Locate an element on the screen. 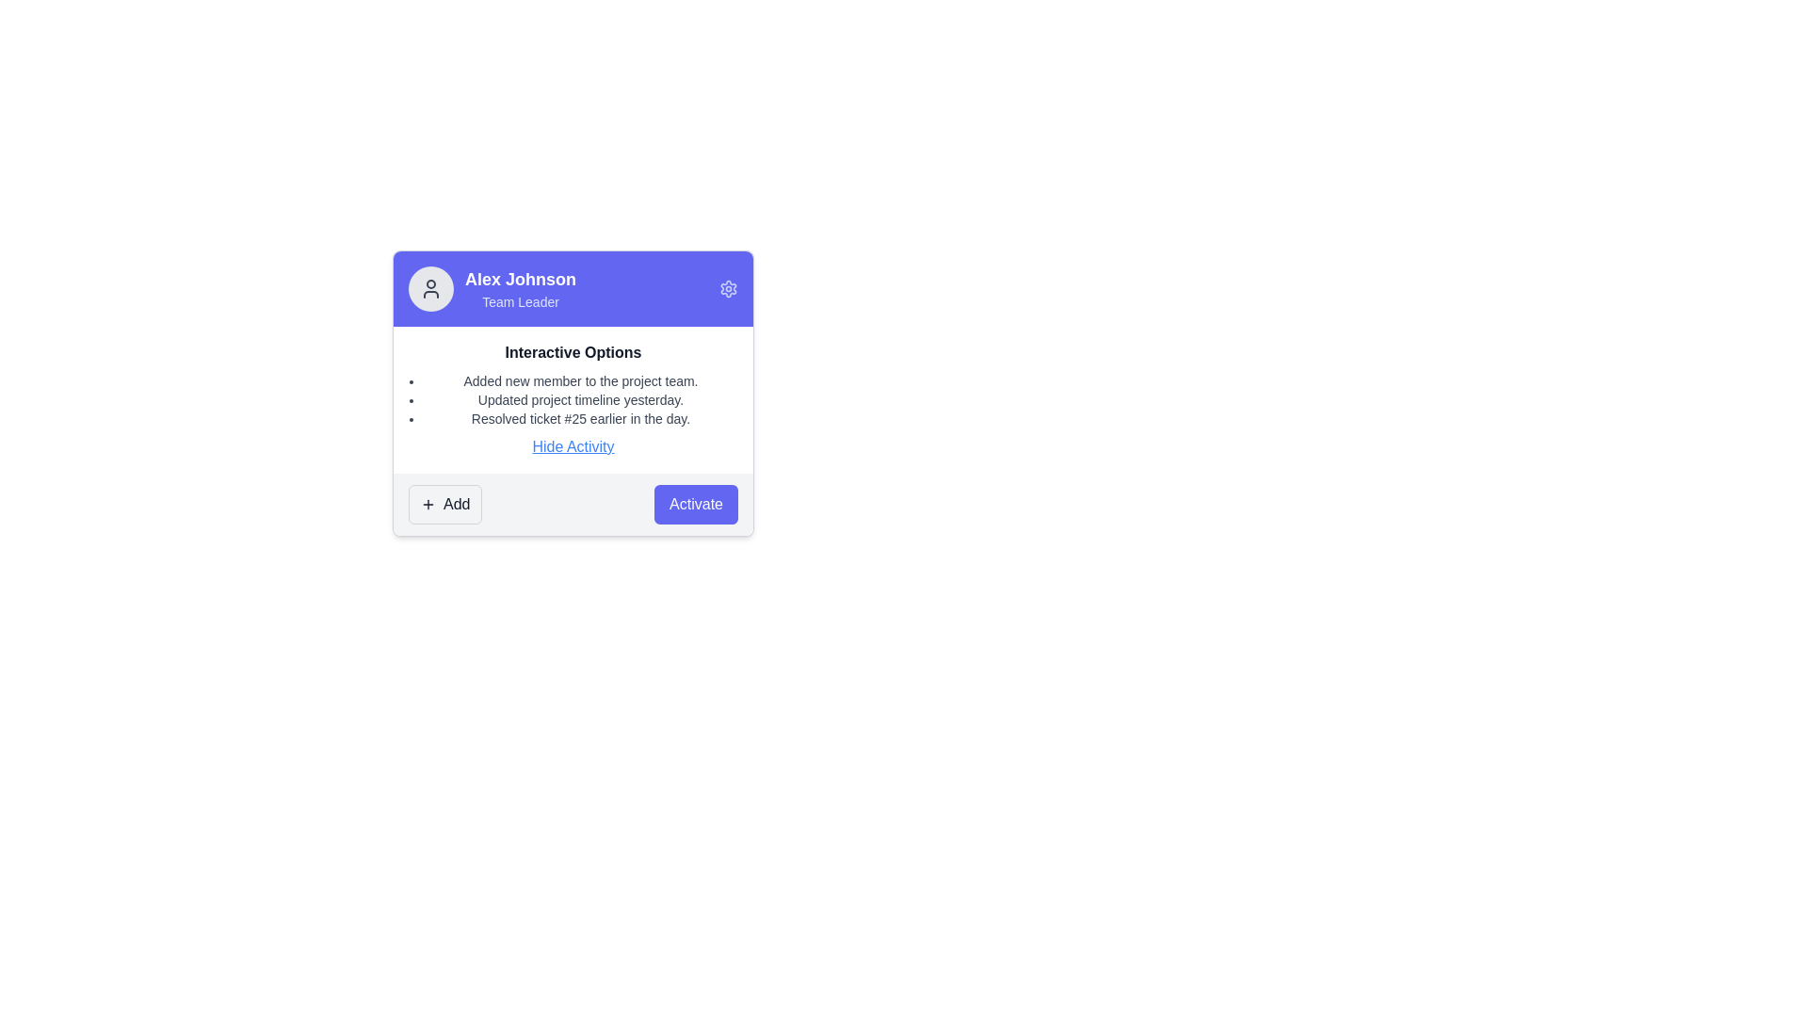  the button labeled 'Activate' with an indigo background is located at coordinates (695, 504).